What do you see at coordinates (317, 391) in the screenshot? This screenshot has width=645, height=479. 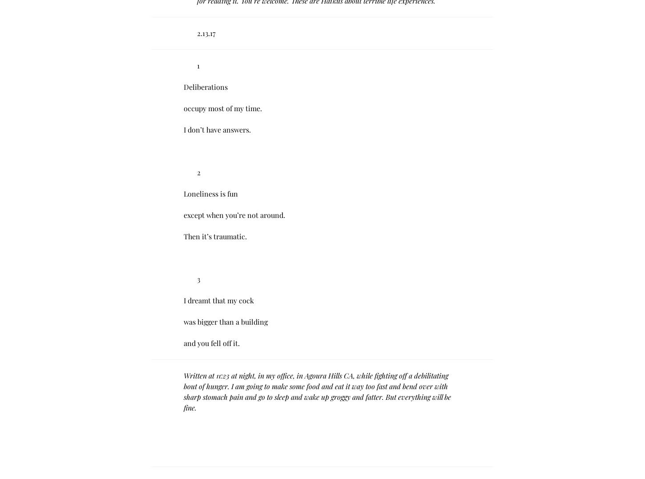 I see `'Written at 11:23 at night, in my office, in Agoura Hills CA, while fighting off a debilitating bout of hunger. I am going to make some food and eat it way too fast and bend over with sharp stomach pain and go to sleep and wake up groggy and fatter. But everything will be fine.'` at bounding box center [317, 391].